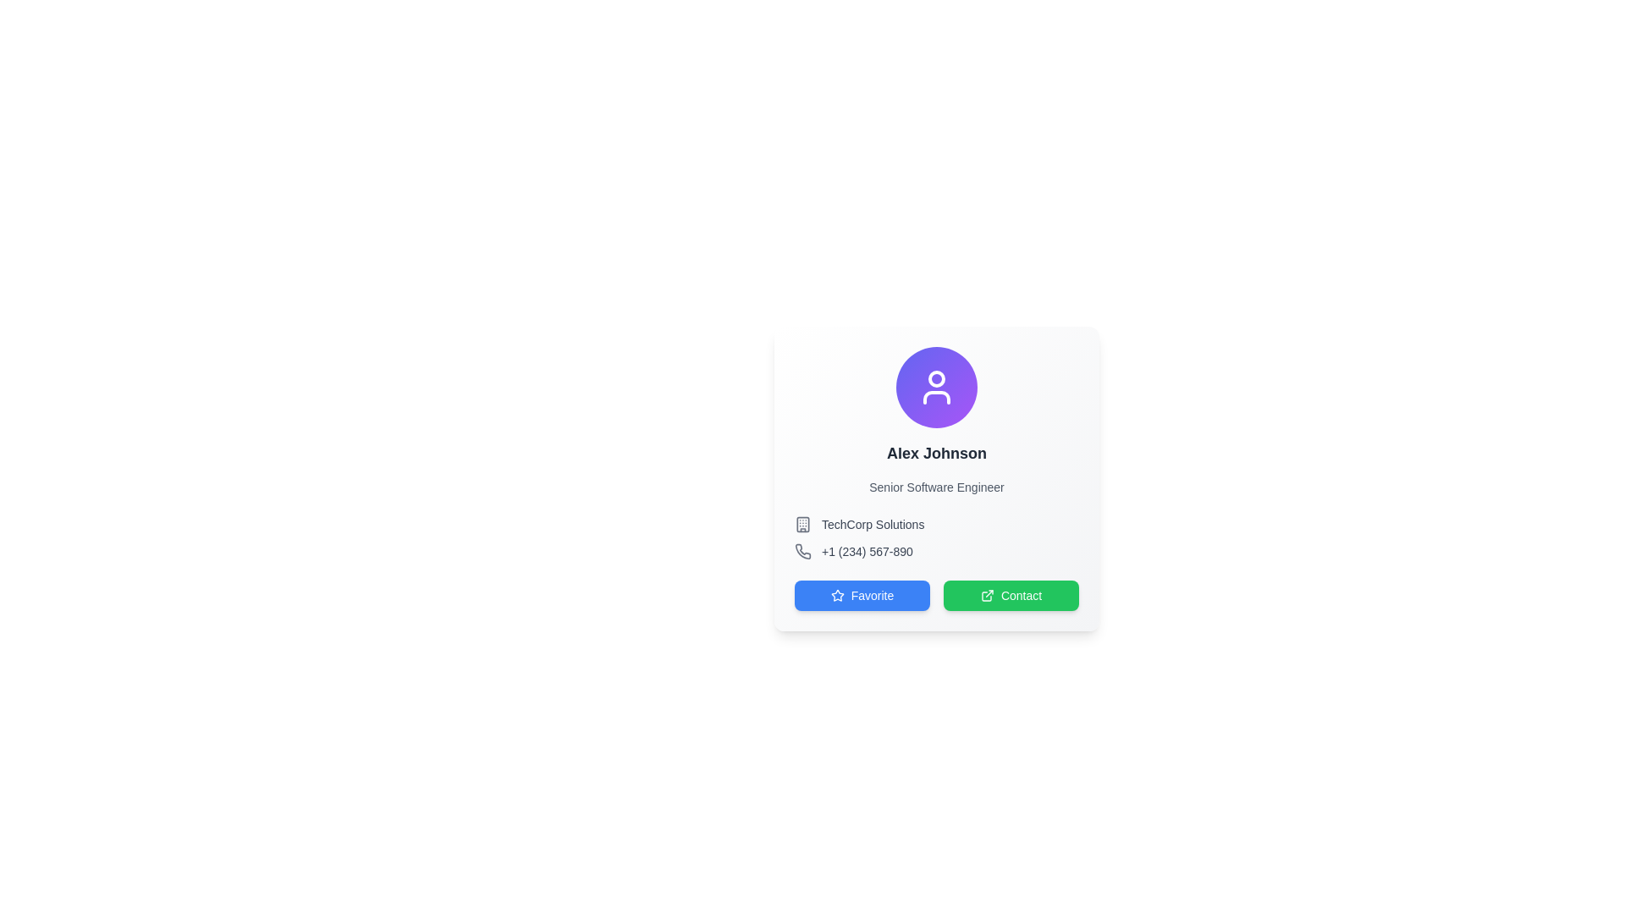 This screenshot has height=914, width=1625. Describe the element at coordinates (936, 377) in the screenshot. I see `the small circular SVG Circle with a white border located at the center of the user avatar icon at the top of the user card layout` at that location.